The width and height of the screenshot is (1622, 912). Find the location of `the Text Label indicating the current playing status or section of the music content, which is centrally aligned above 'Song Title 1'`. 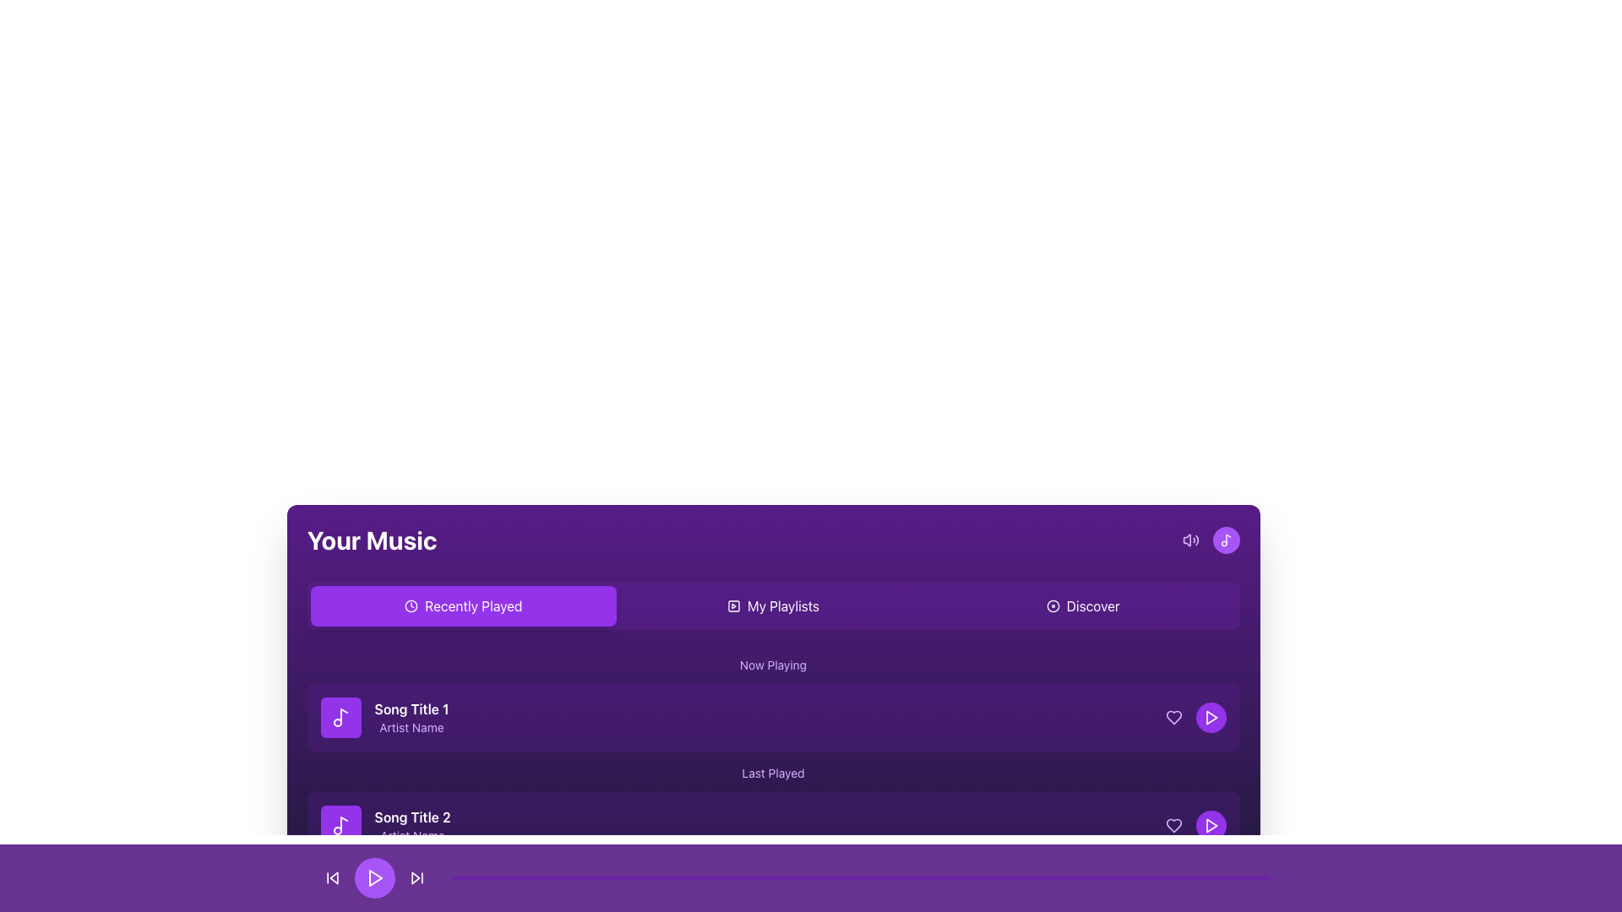

the Text Label indicating the current playing status or section of the music content, which is centrally aligned above 'Song Title 1' is located at coordinates (772, 664).